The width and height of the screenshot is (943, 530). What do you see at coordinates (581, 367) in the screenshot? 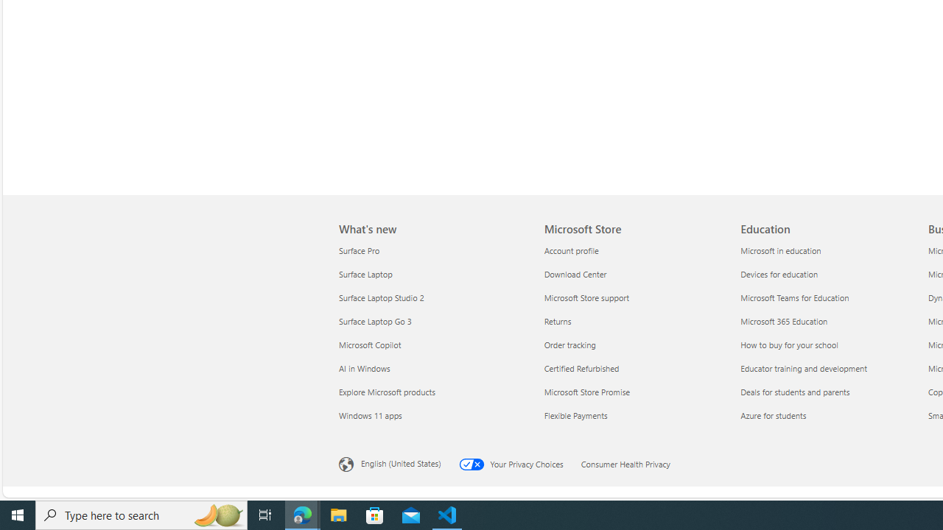
I see `'Certified Refurbished Microsoft Store'` at bounding box center [581, 367].